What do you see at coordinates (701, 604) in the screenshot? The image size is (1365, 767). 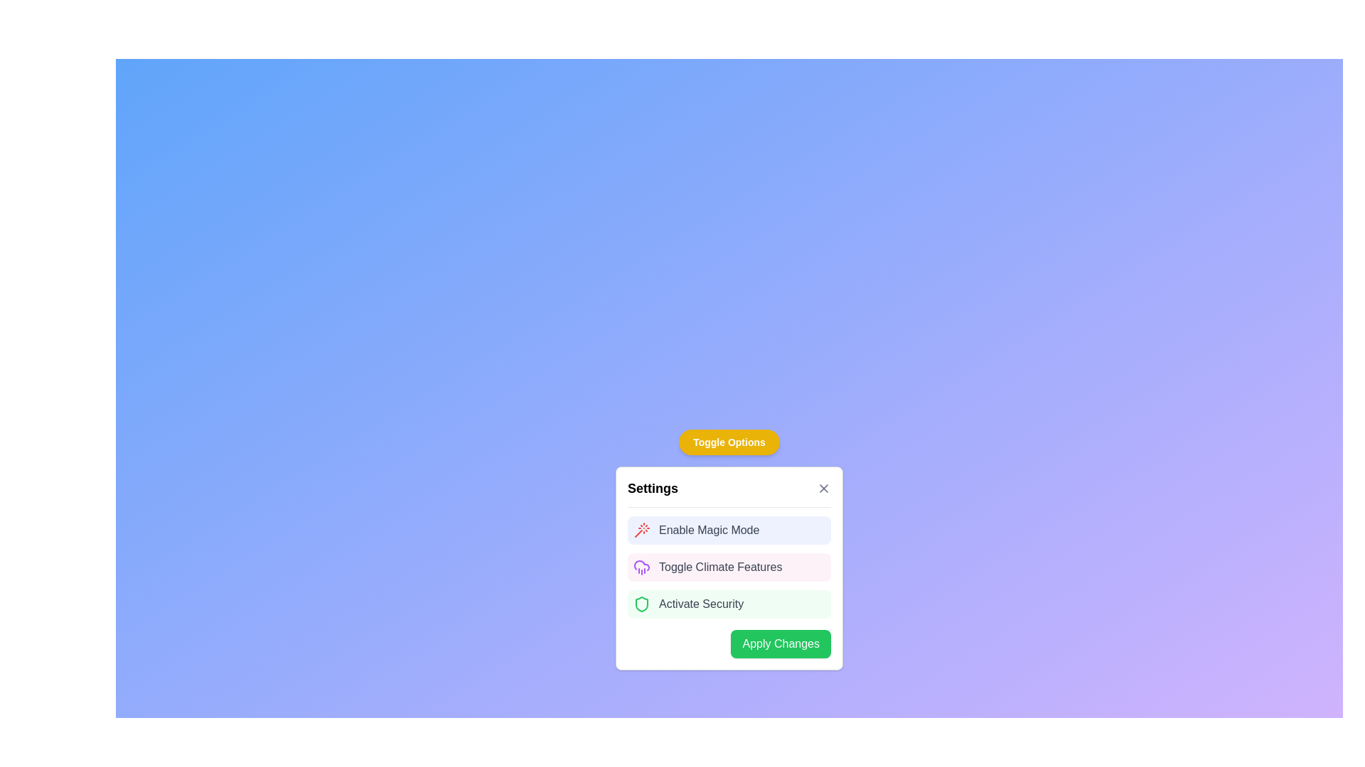 I see `the descriptive text label related to the 'Activate Security' feature, which is aligned to the right of a shield icon in the settings selection interface` at bounding box center [701, 604].